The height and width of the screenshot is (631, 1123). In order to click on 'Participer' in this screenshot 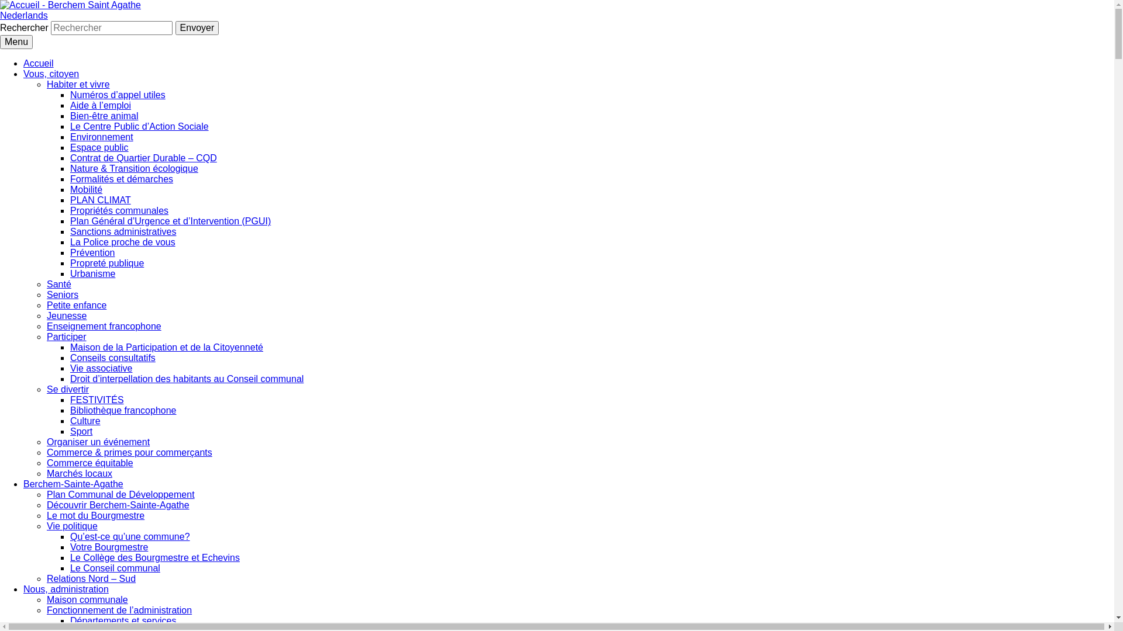, I will do `click(47, 337)`.